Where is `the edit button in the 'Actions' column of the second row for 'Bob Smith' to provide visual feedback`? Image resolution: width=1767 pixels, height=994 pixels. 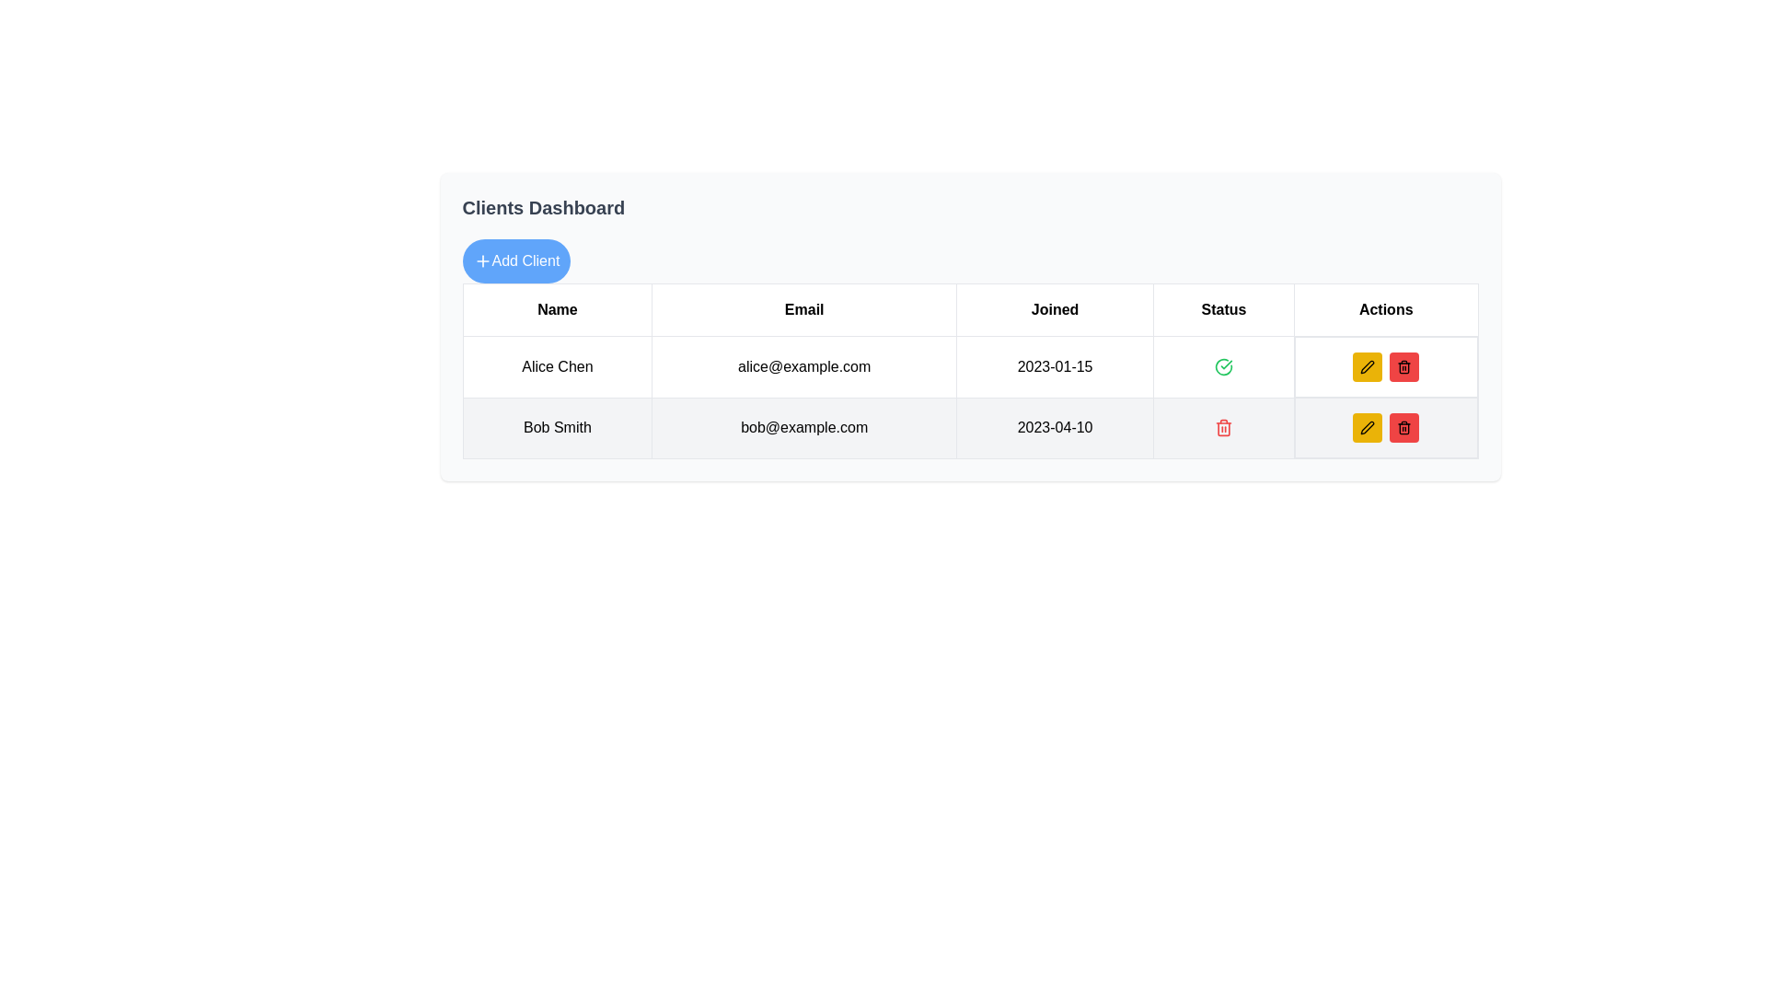
the edit button in the 'Actions' column of the second row for 'Bob Smith' to provide visual feedback is located at coordinates (1368, 366).